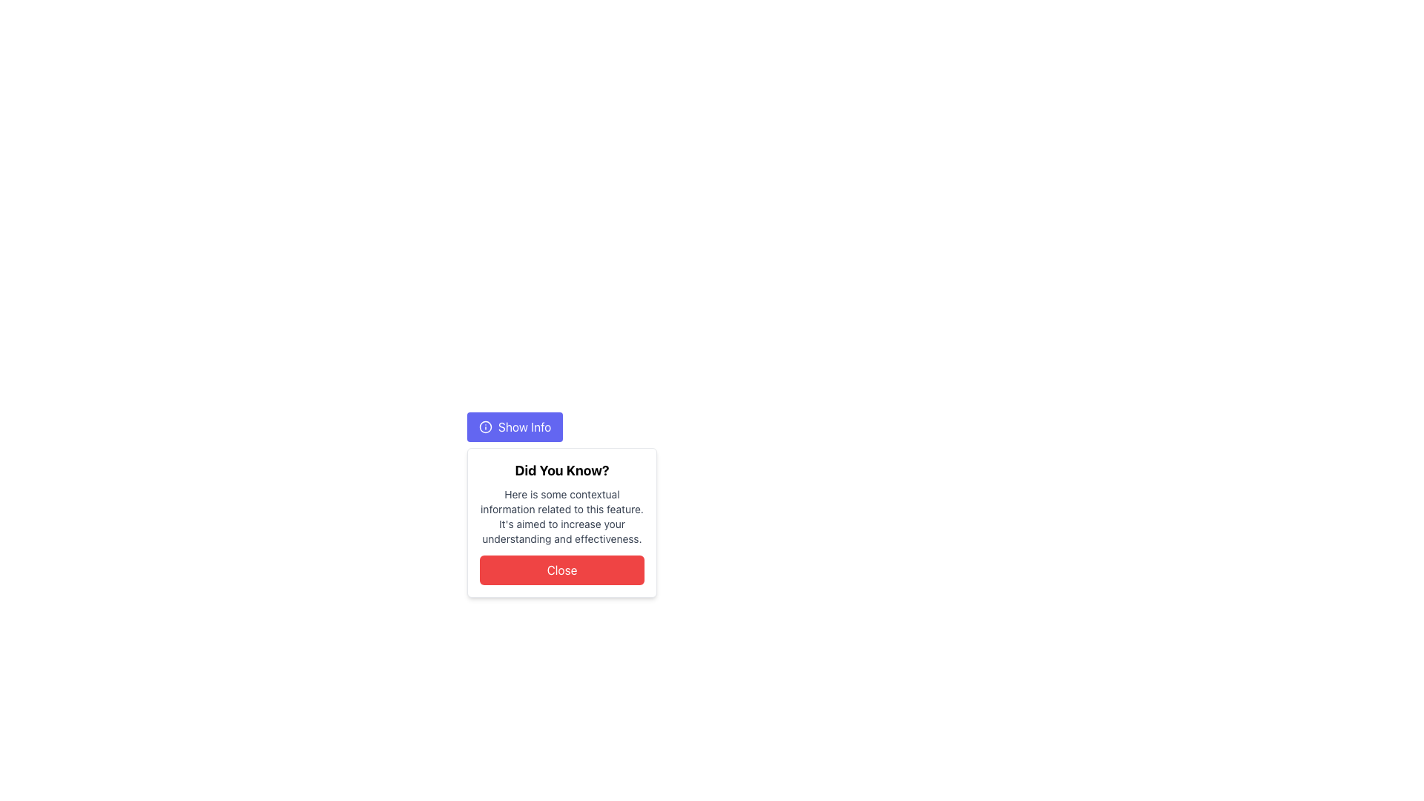 This screenshot has width=1424, height=801. What do you see at coordinates (485, 426) in the screenshot?
I see `the decorative circle that is part of the SVG icon located near the 'Show Info' button at the top-left of the information card` at bounding box center [485, 426].